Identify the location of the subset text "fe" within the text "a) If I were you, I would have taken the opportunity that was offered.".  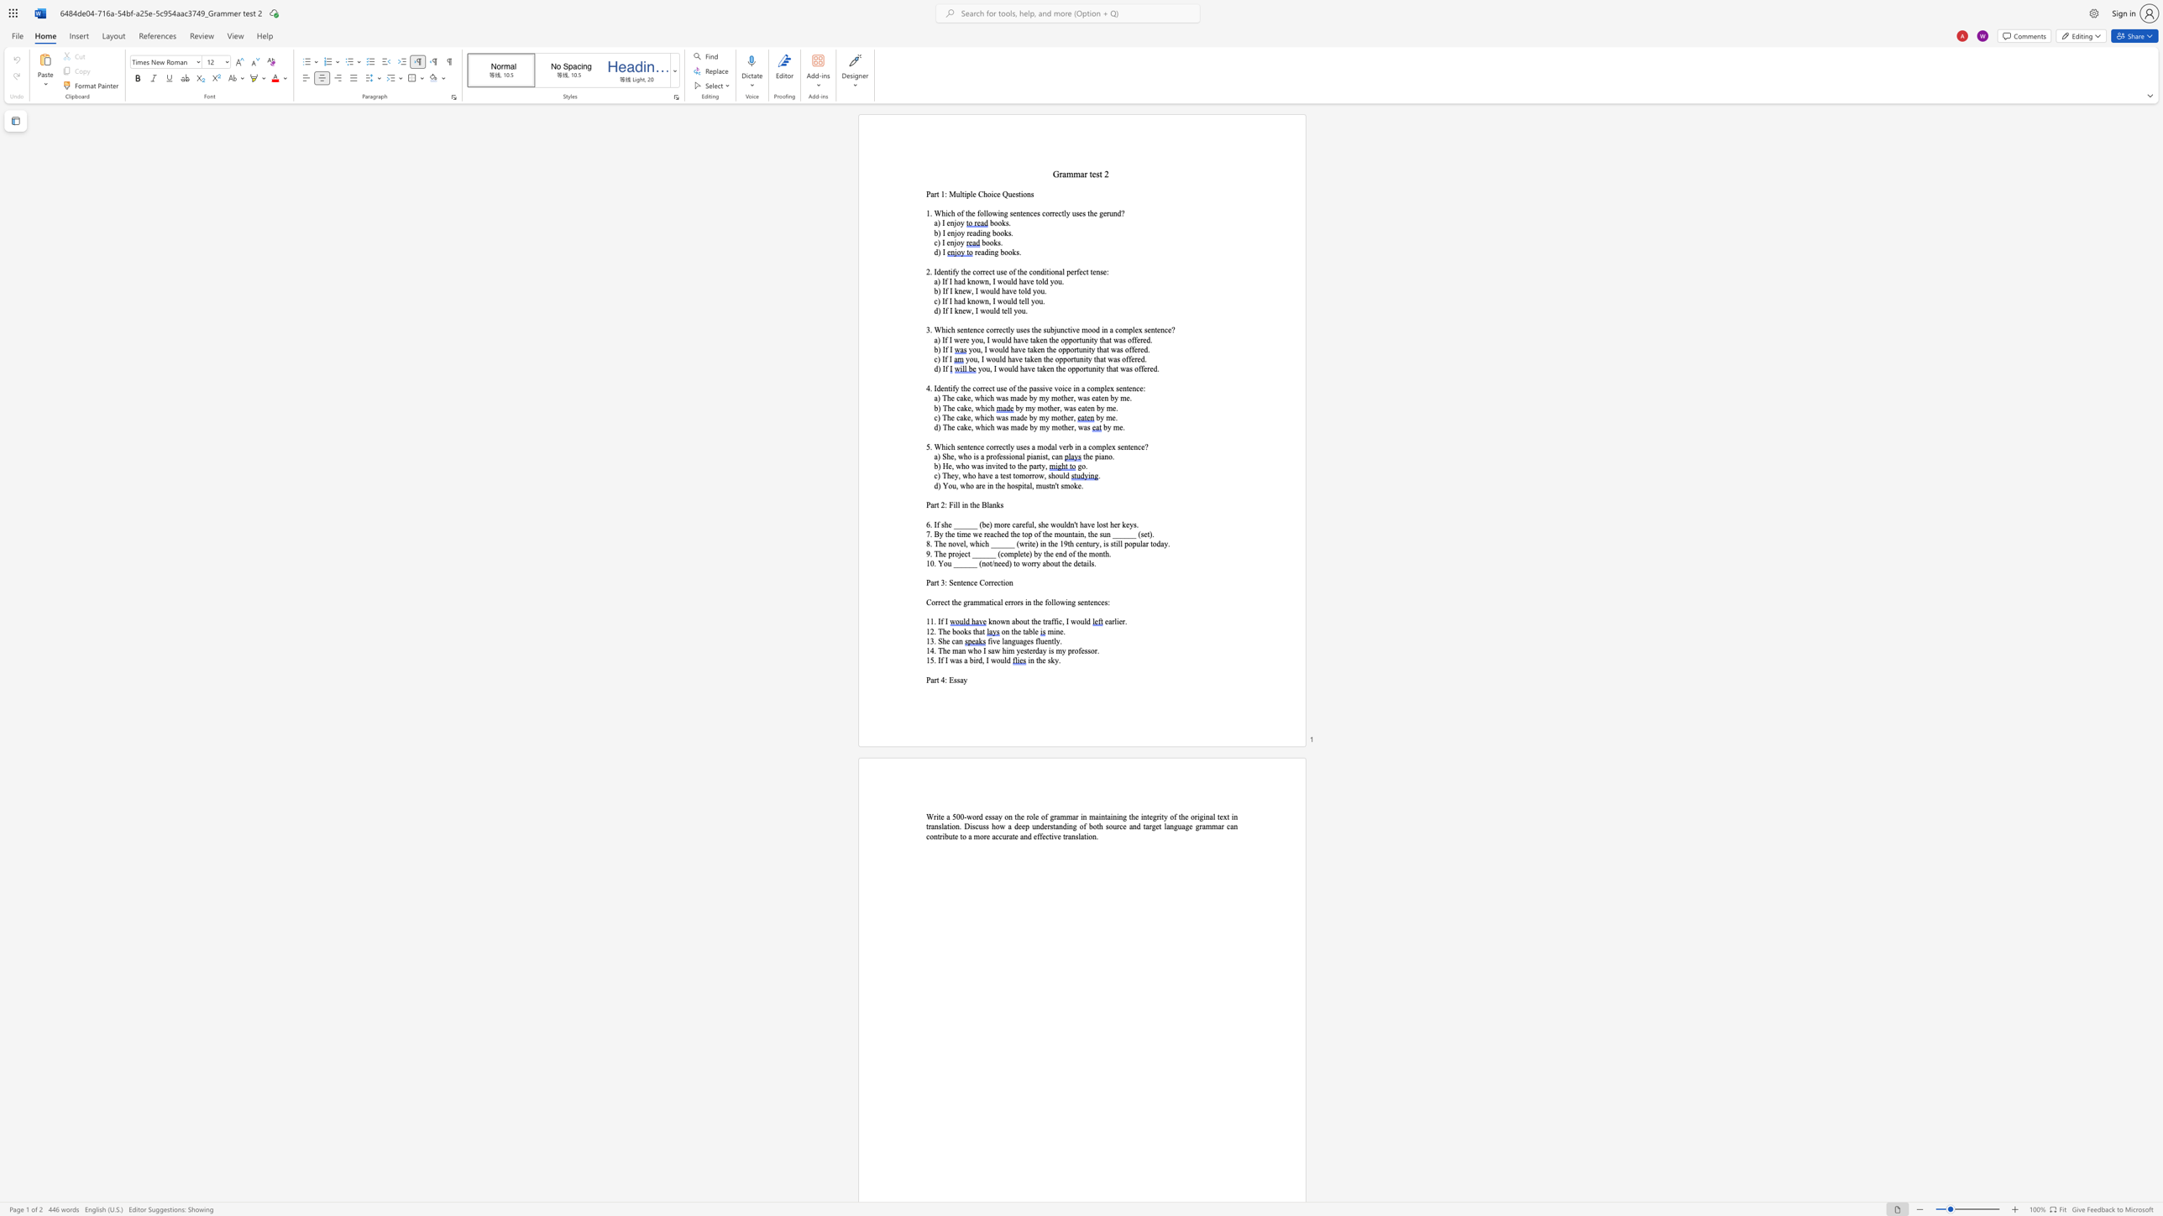
(1133, 340).